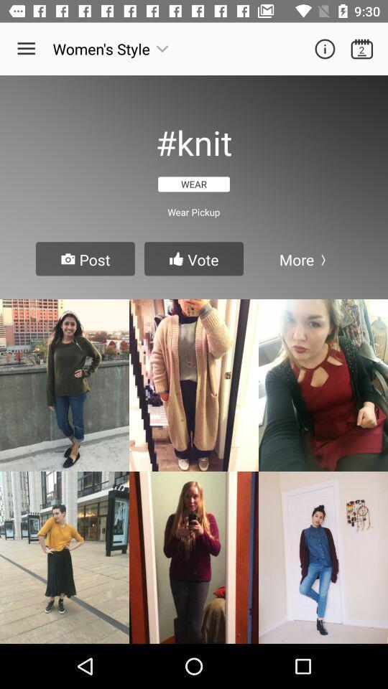 The width and height of the screenshot is (388, 689). I want to click on open calendar, so click(361, 49).